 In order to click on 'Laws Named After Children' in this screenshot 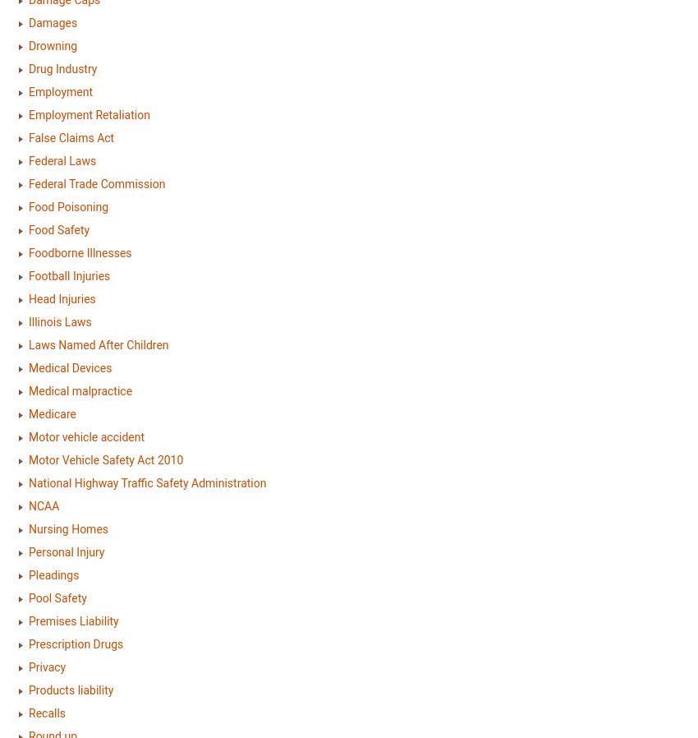, I will do `click(98, 344)`.